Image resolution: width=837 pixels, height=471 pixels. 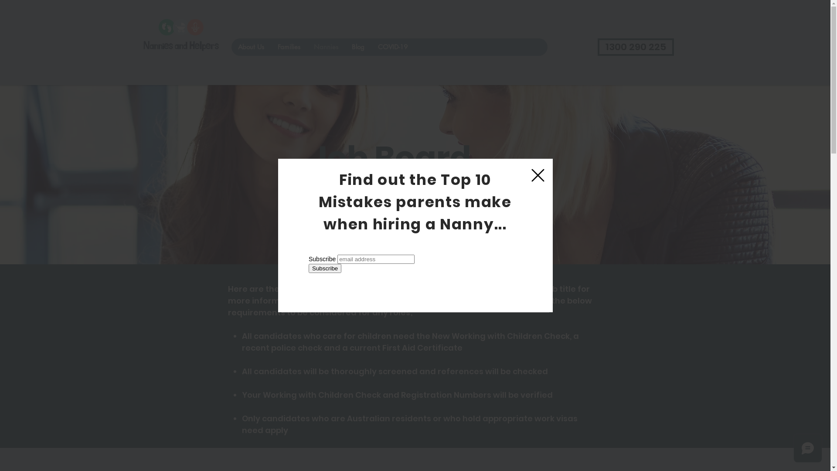 What do you see at coordinates (357, 47) in the screenshot?
I see `'Blog'` at bounding box center [357, 47].